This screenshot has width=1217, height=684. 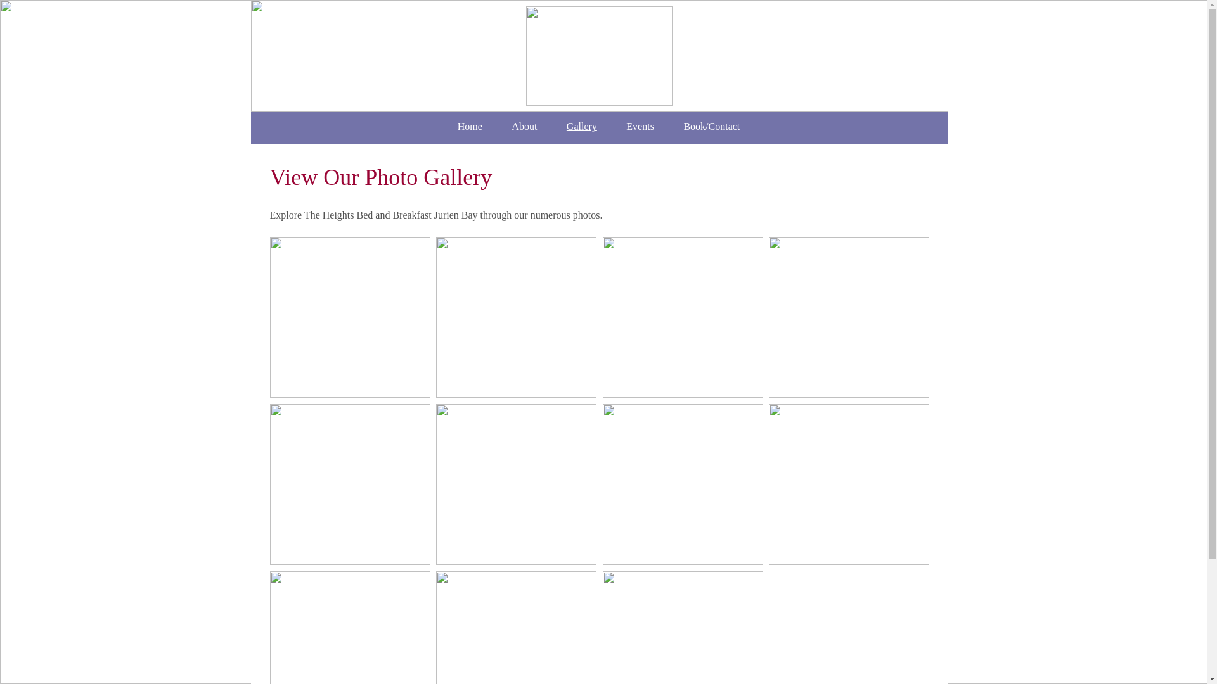 What do you see at coordinates (524, 127) in the screenshot?
I see `'About'` at bounding box center [524, 127].